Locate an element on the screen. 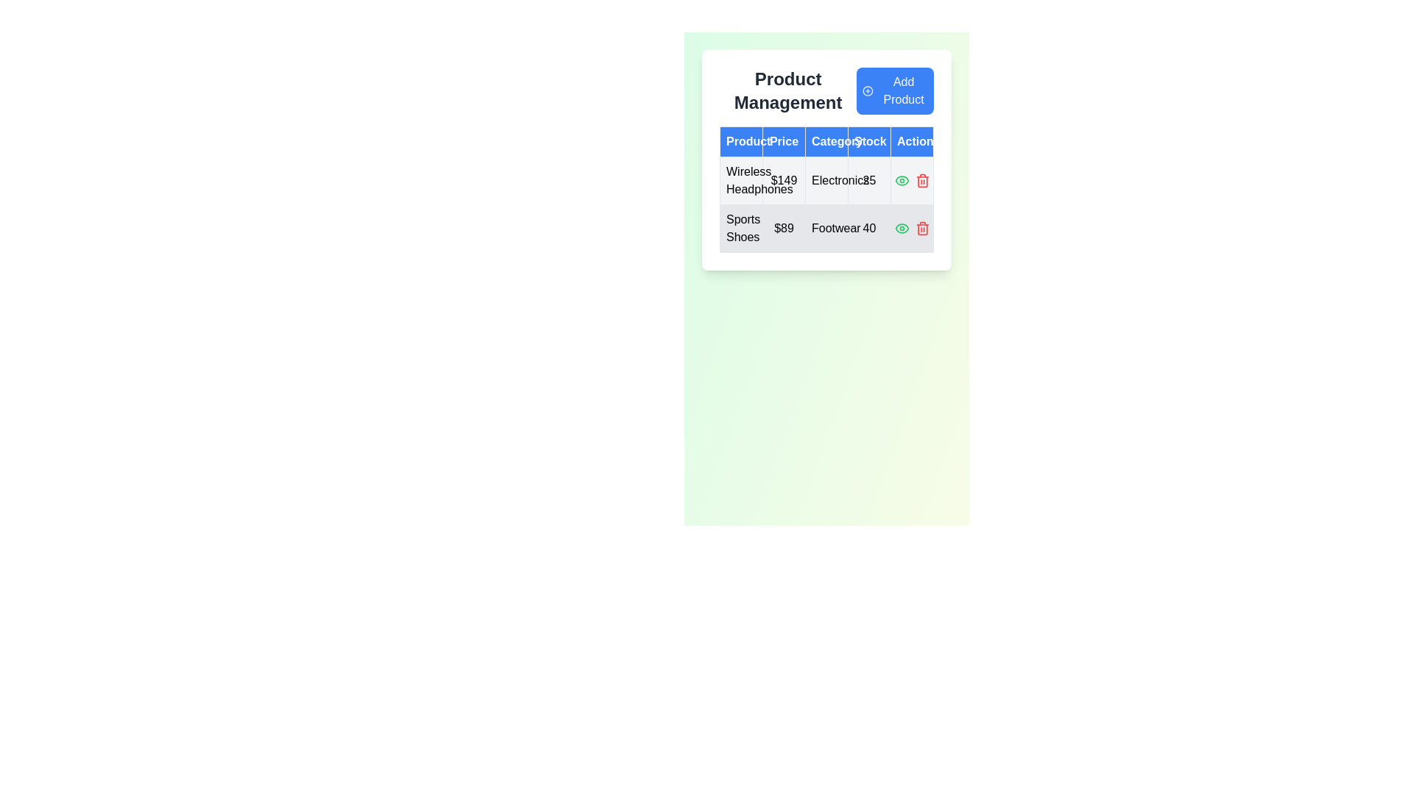 The width and height of the screenshot is (1413, 794). the TableCell displaying product information, which includes name, price, category, and stock quantity in the first row of the product table is located at coordinates (826, 204).